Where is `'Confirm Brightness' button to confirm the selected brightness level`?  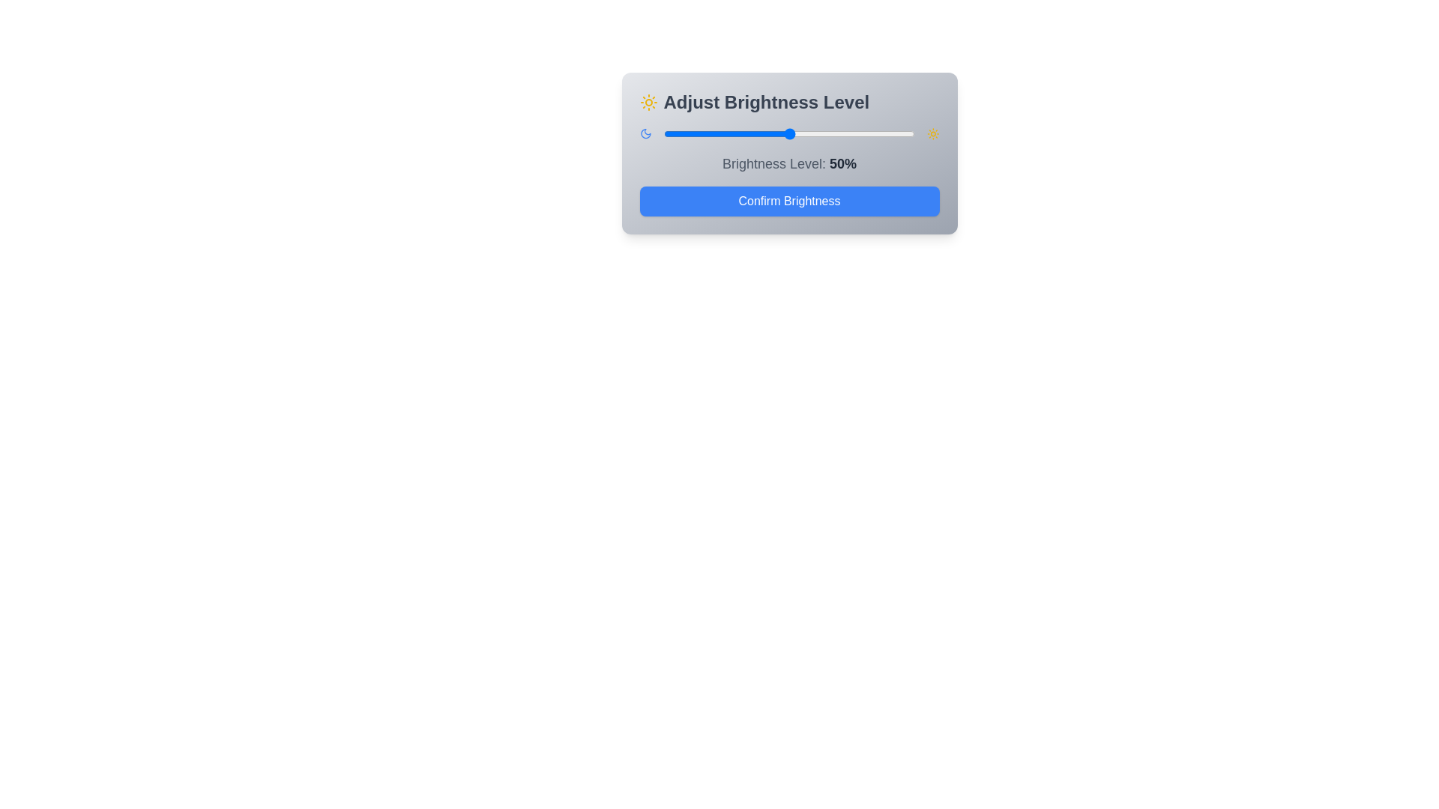
'Confirm Brightness' button to confirm the selected brightness level is located at coordinates (788, 201).